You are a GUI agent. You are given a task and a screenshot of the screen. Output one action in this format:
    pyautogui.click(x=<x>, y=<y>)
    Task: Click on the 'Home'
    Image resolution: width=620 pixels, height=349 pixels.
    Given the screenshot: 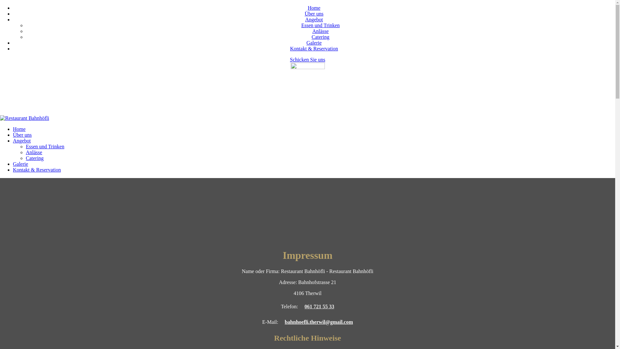 What is the action you would take?
    pyautogui.click(x=19, y=129)
    